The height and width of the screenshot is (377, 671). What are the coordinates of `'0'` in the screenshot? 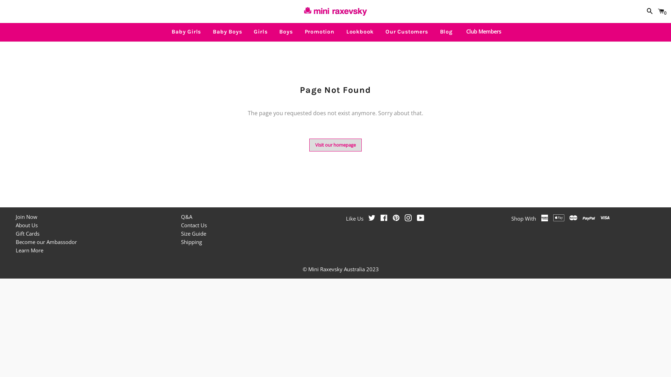 It's located at (661, 11).